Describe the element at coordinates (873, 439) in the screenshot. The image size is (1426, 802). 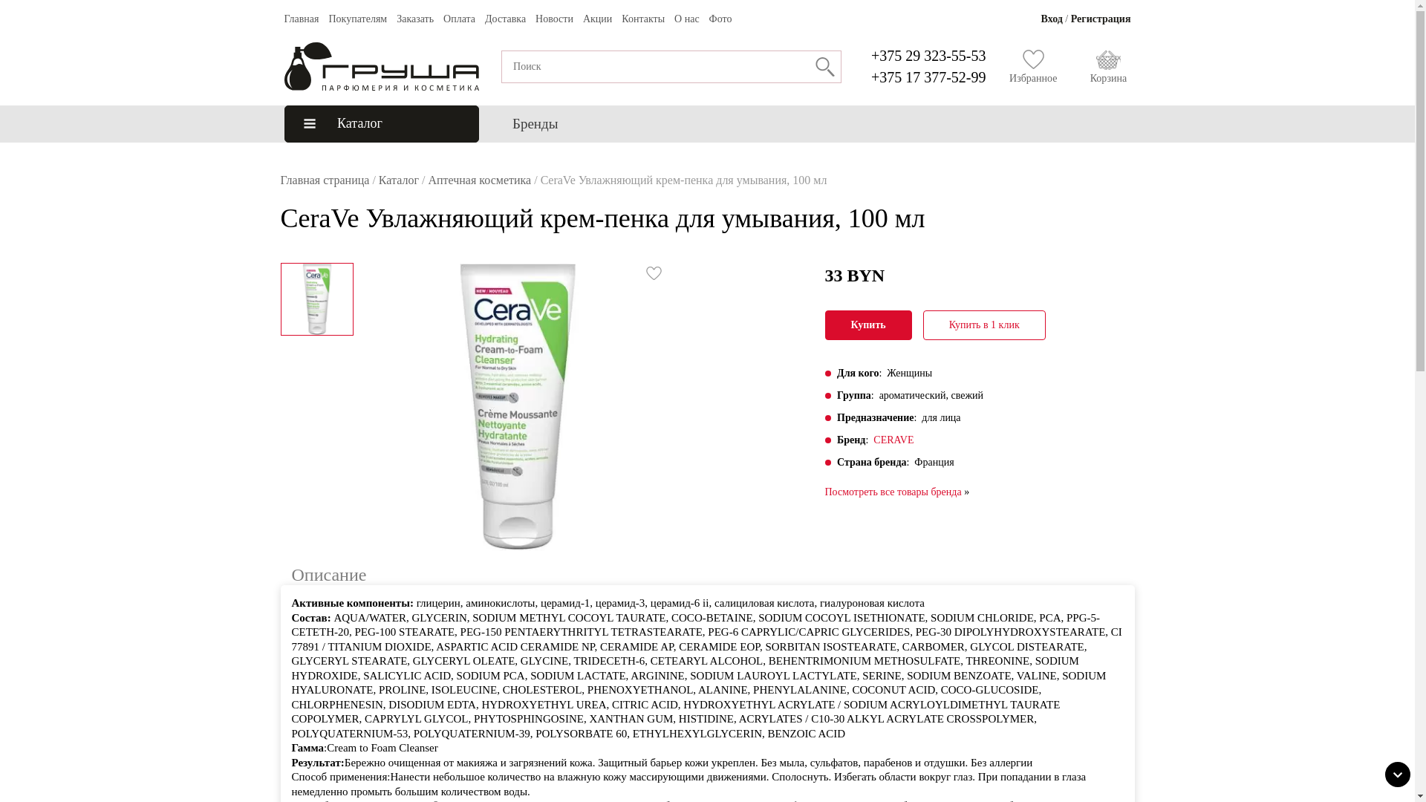
I see `'CERAVE'` at that location.